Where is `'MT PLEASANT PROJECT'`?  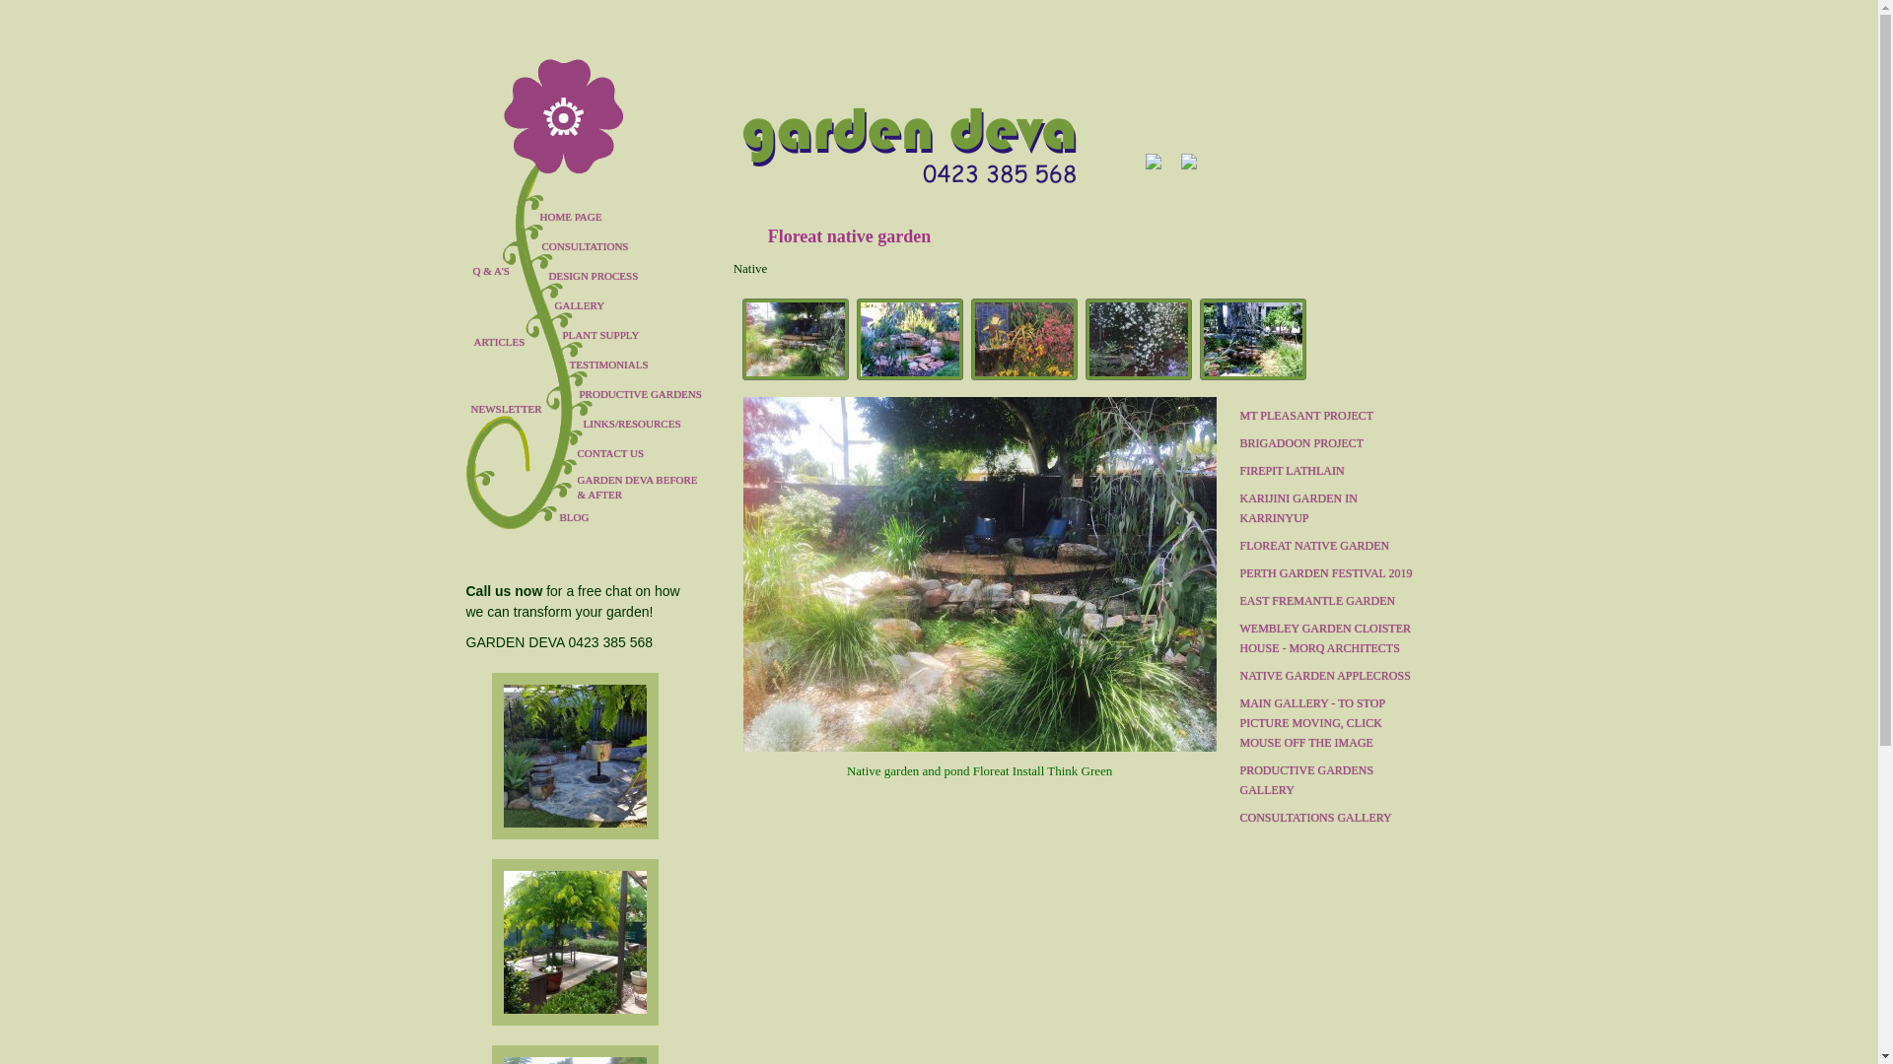
'MT PLEASANT PROJECT' is located at coordinates (1325, 414).